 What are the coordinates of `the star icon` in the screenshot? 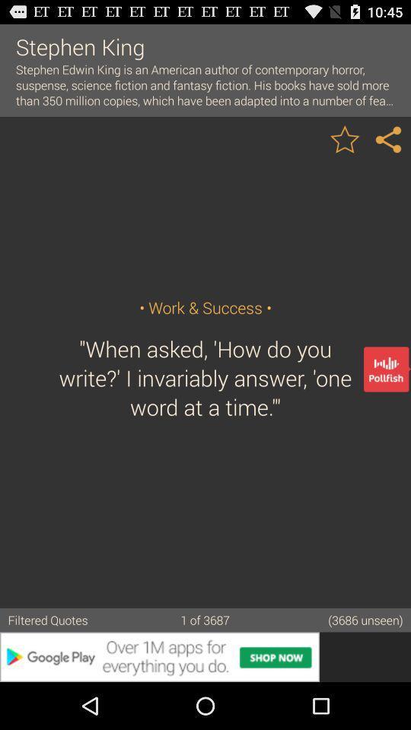 It's located at (345, 148).